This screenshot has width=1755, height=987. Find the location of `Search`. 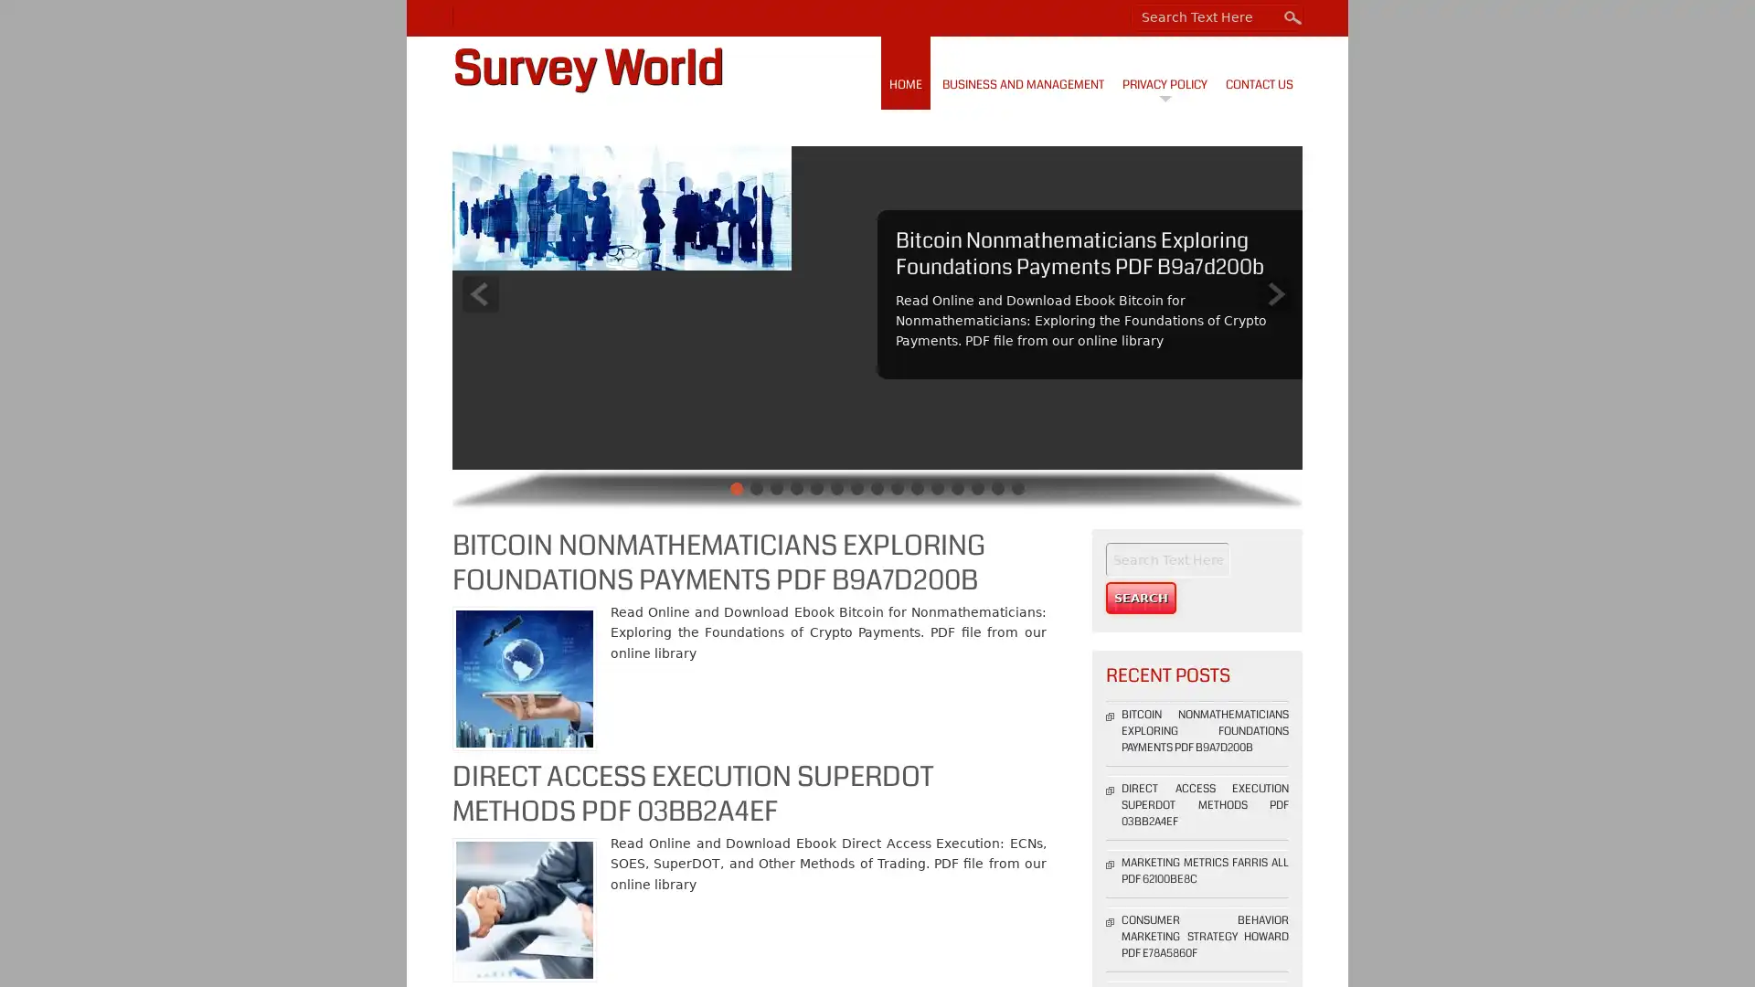

Search is located at coordinates (1140, 598).